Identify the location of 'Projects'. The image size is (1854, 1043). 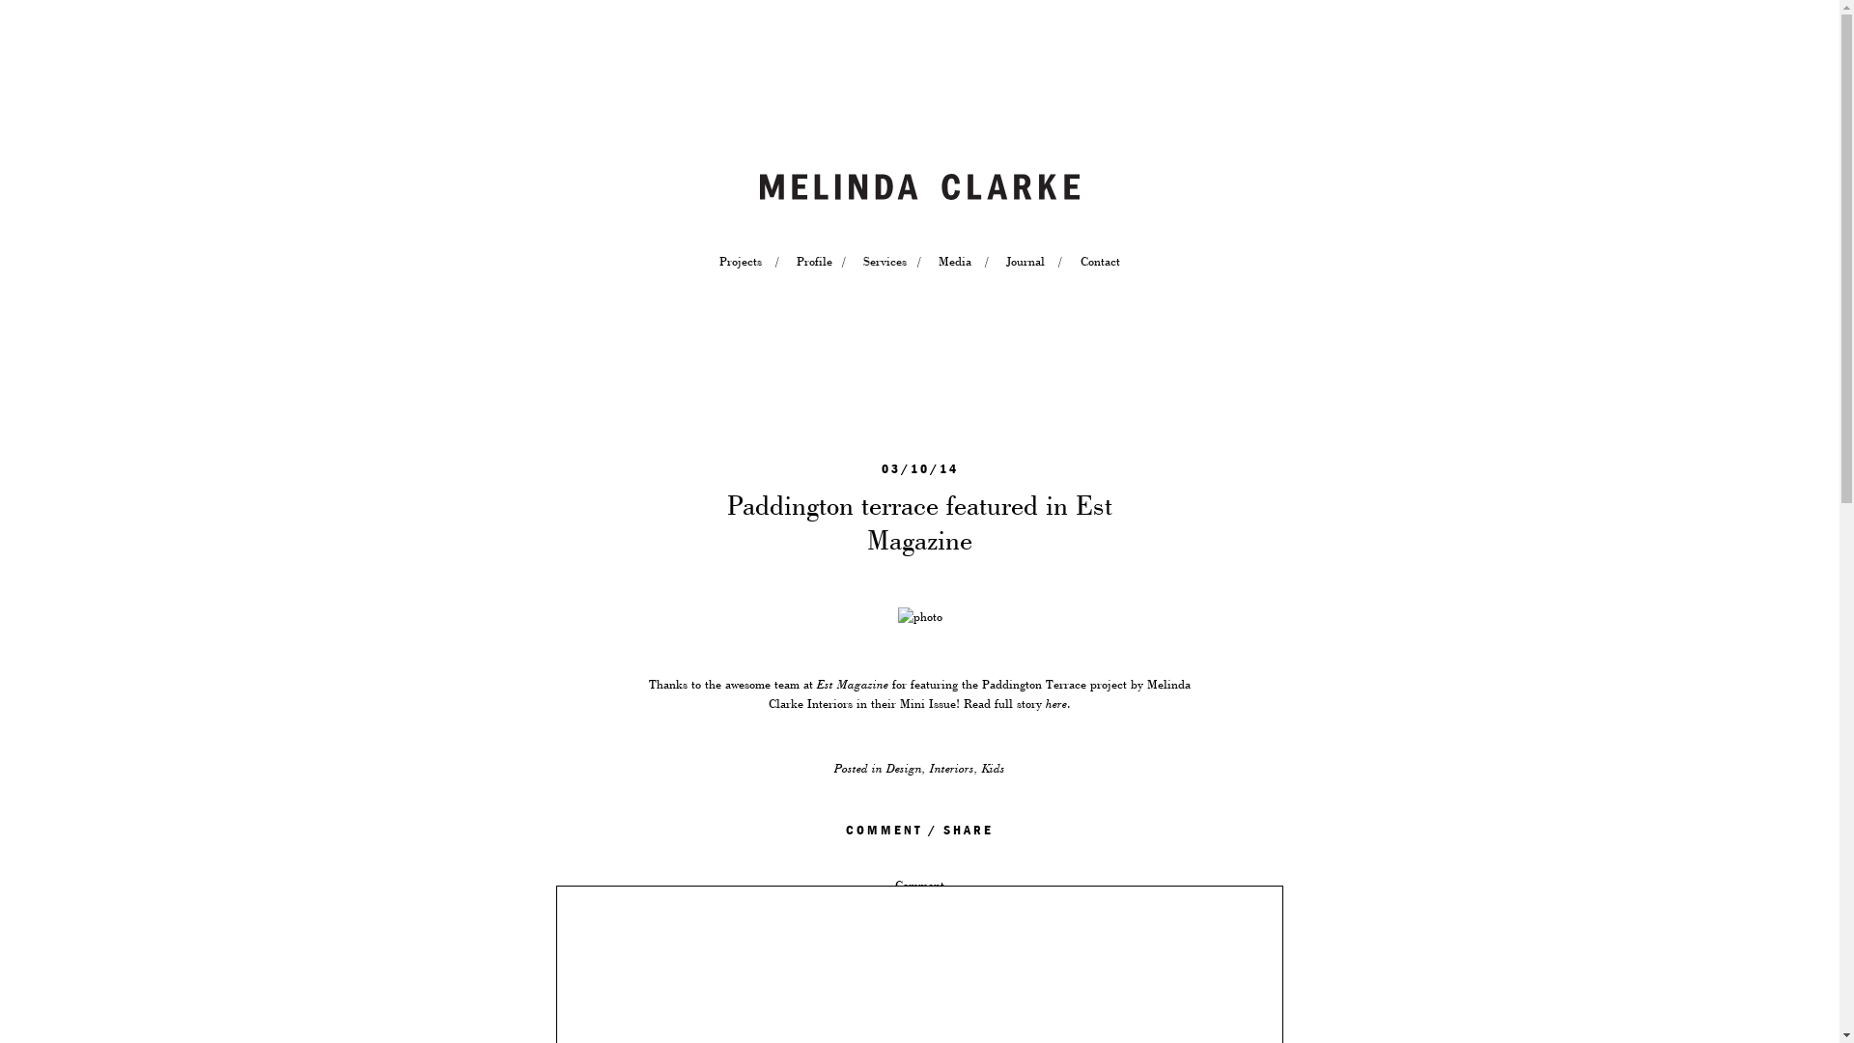
(740, 261).